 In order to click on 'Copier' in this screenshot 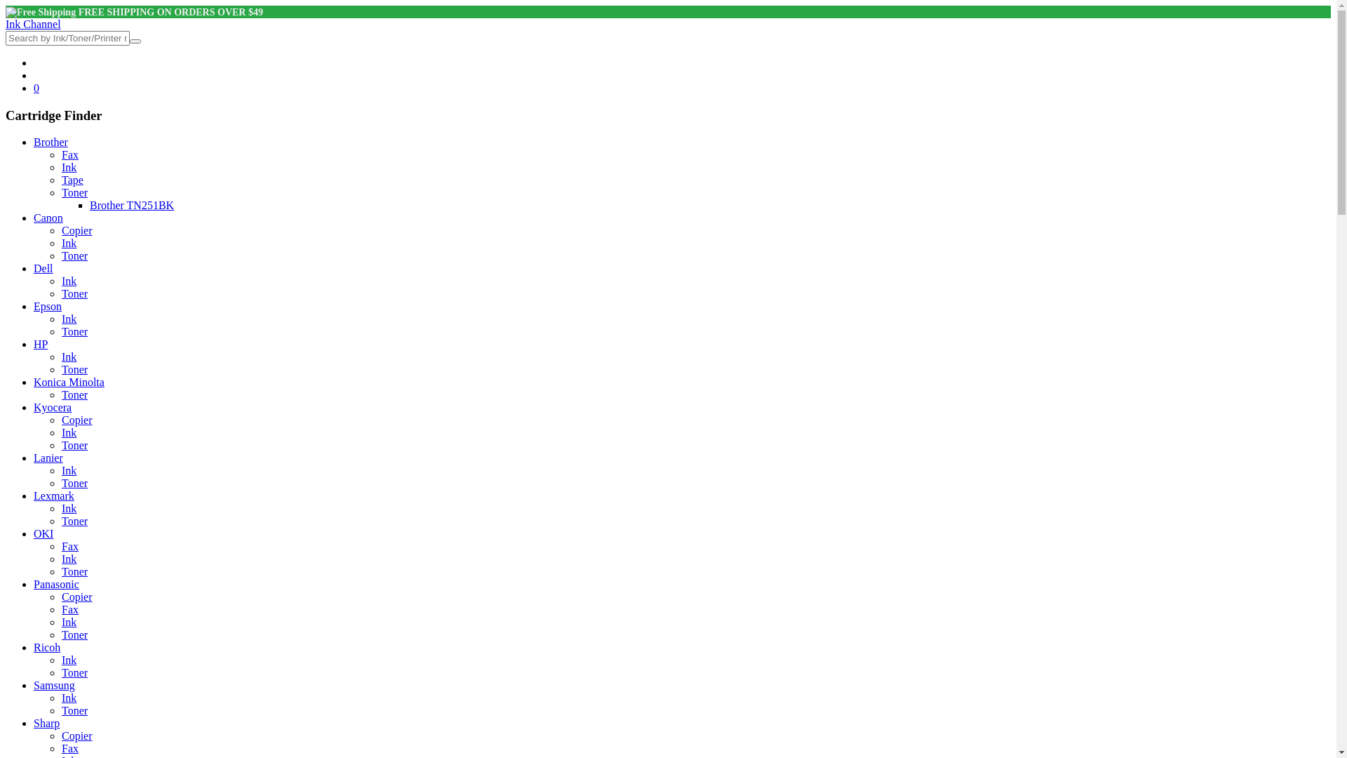, I will do `click(76, 230)`.